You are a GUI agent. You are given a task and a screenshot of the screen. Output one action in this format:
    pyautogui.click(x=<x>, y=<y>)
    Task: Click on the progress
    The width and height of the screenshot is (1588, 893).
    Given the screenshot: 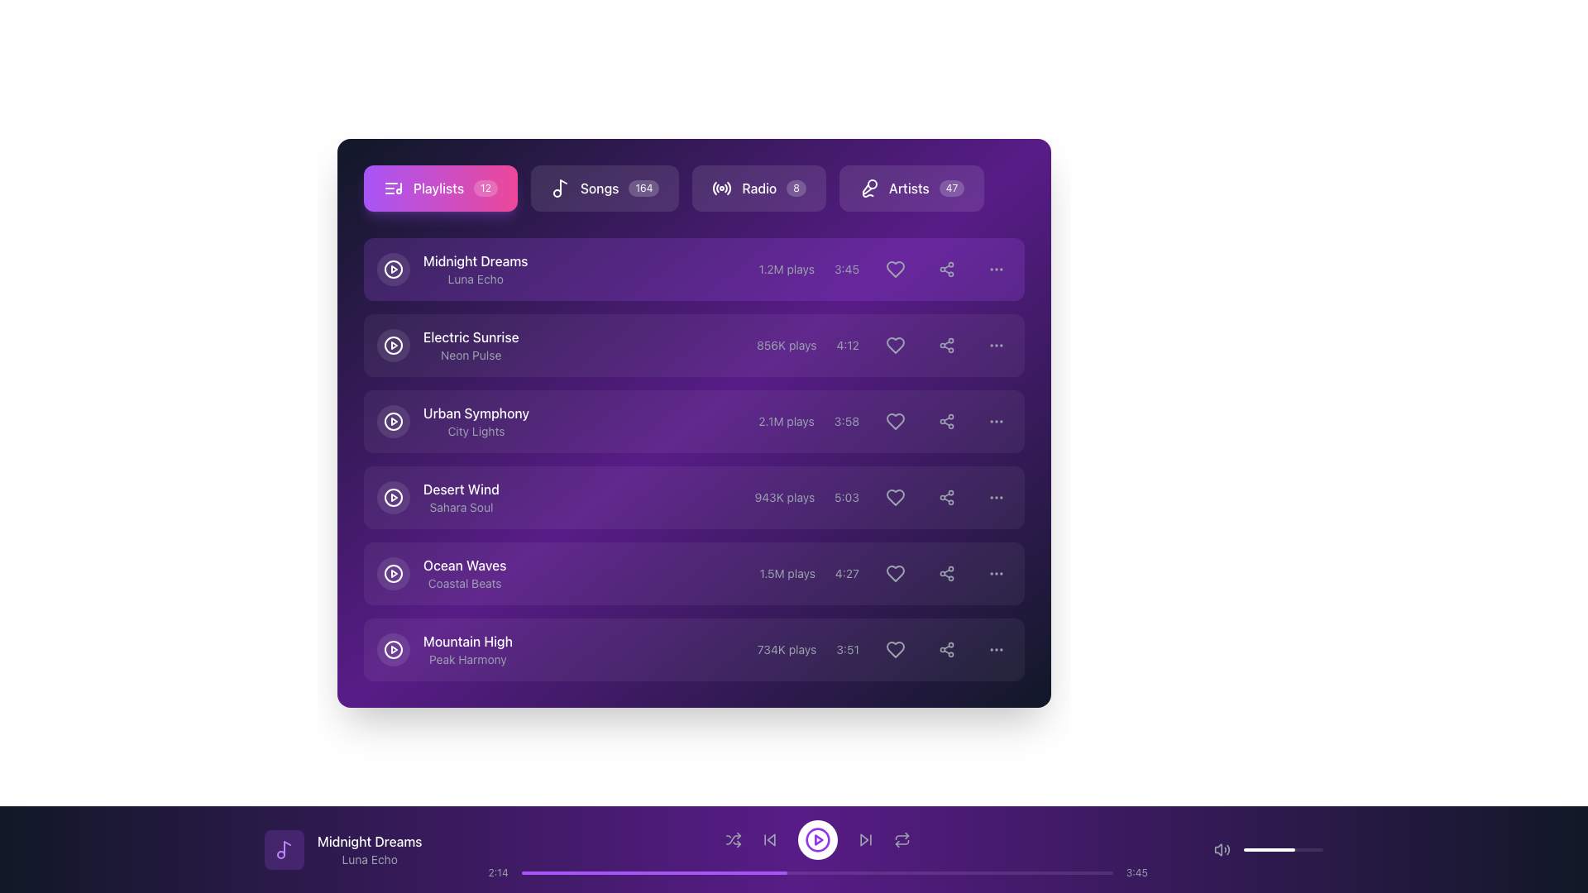 What is the action you would take?
    pyautogui.click(x=916, y=872)
    